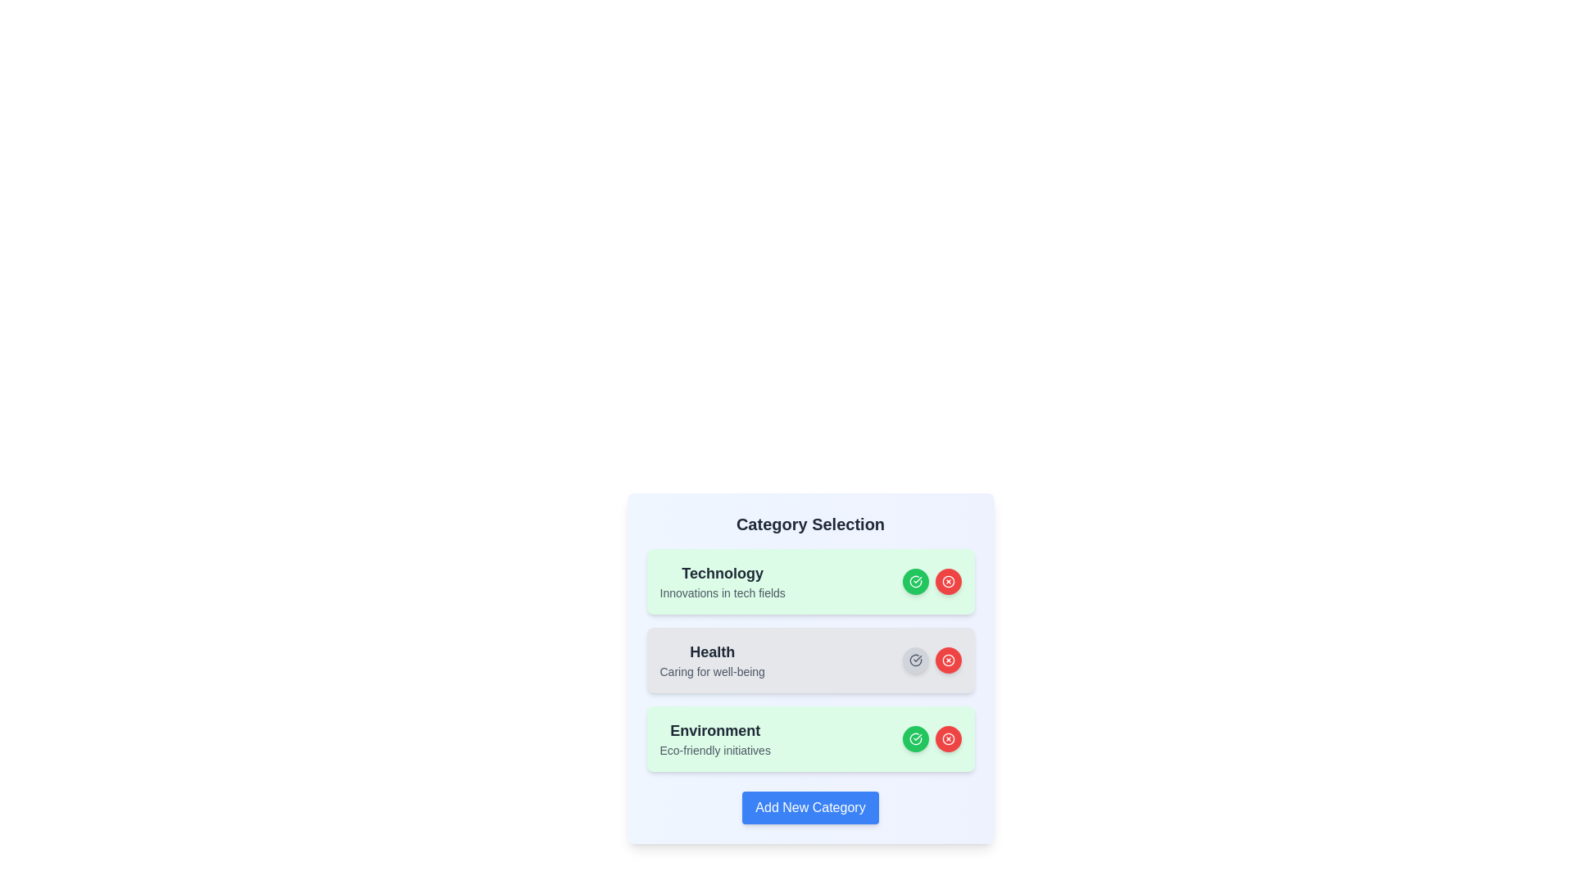  Describe the element at coordinates (810, 807) in the screenshot. I see `'Add New Category' button to add a new category` at that location.